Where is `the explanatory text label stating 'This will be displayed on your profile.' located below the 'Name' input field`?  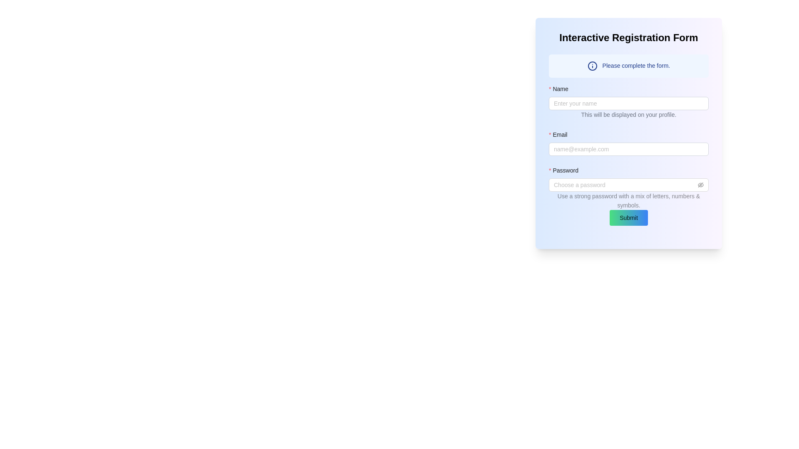
the explanatory text label stating 'This will be displayed on your profile.' located below the 'Name' input field is located at coordinates (629, 115).